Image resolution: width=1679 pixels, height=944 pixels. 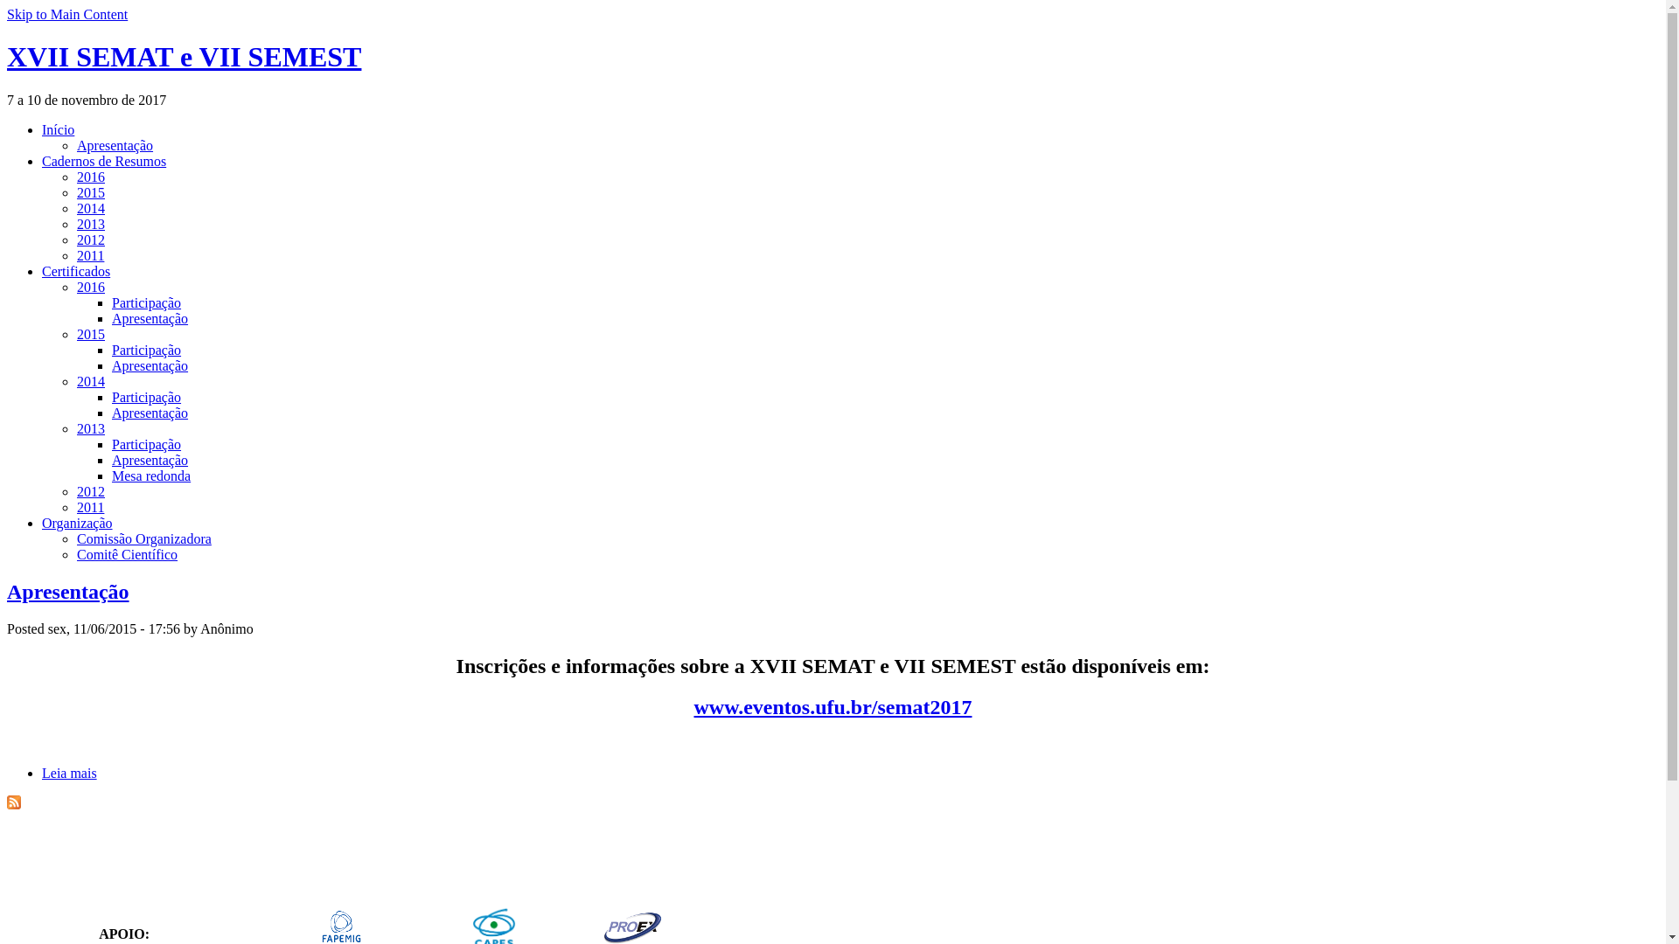 I want to click on '2015', so click(x=75, y=192).